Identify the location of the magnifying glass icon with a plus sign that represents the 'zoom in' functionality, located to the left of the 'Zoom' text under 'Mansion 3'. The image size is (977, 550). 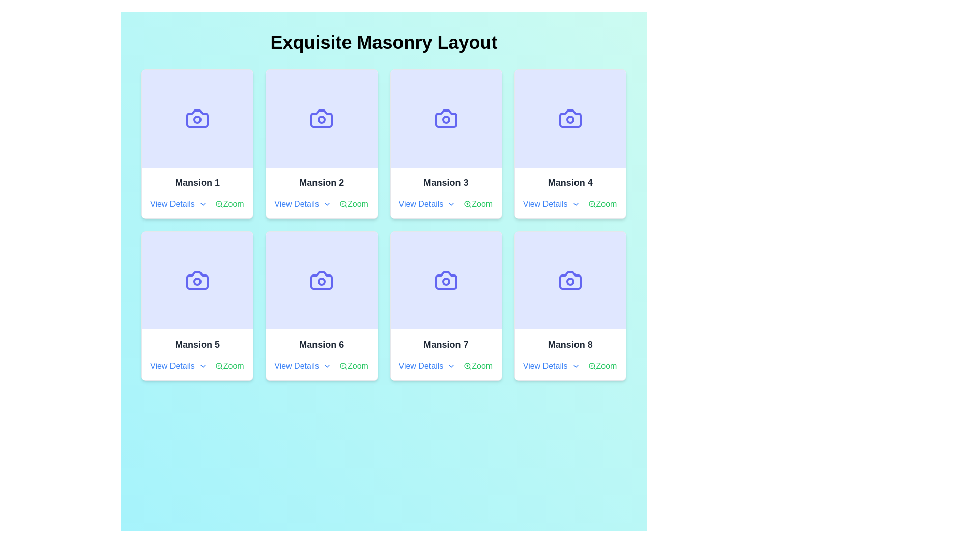
(467, 204).